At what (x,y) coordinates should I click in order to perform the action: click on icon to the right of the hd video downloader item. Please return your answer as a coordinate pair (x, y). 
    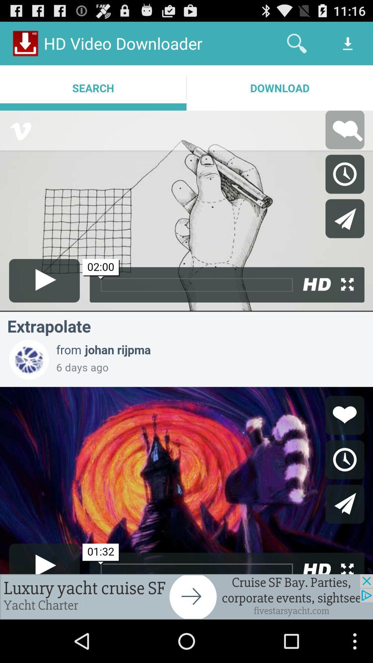
    Looking at the image, I should click on (296, 43).